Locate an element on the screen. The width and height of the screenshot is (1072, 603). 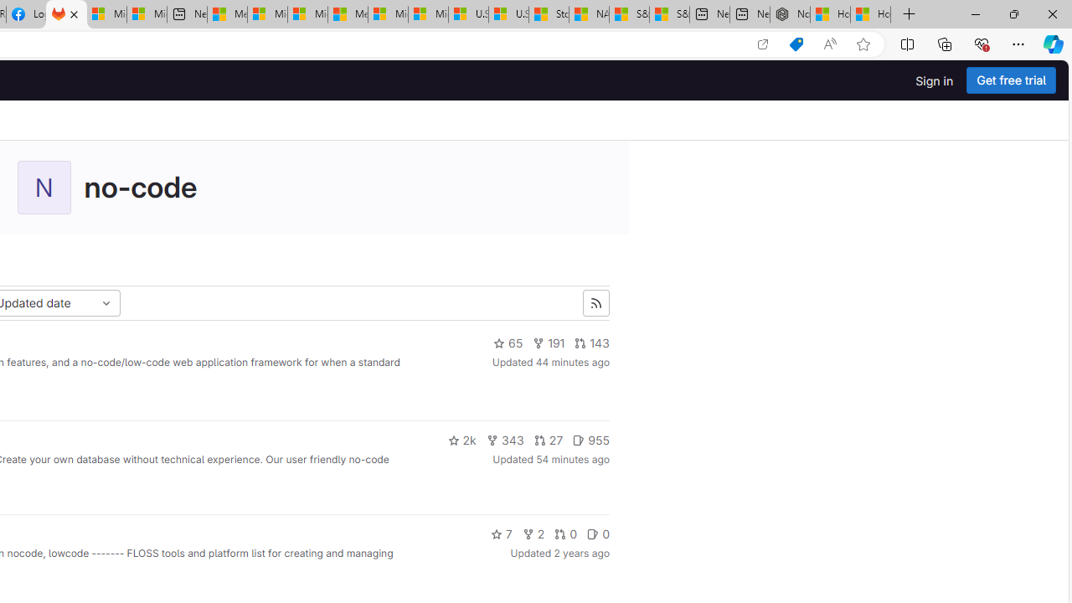
'Get free trial' is located at coordinates (1010, 80).